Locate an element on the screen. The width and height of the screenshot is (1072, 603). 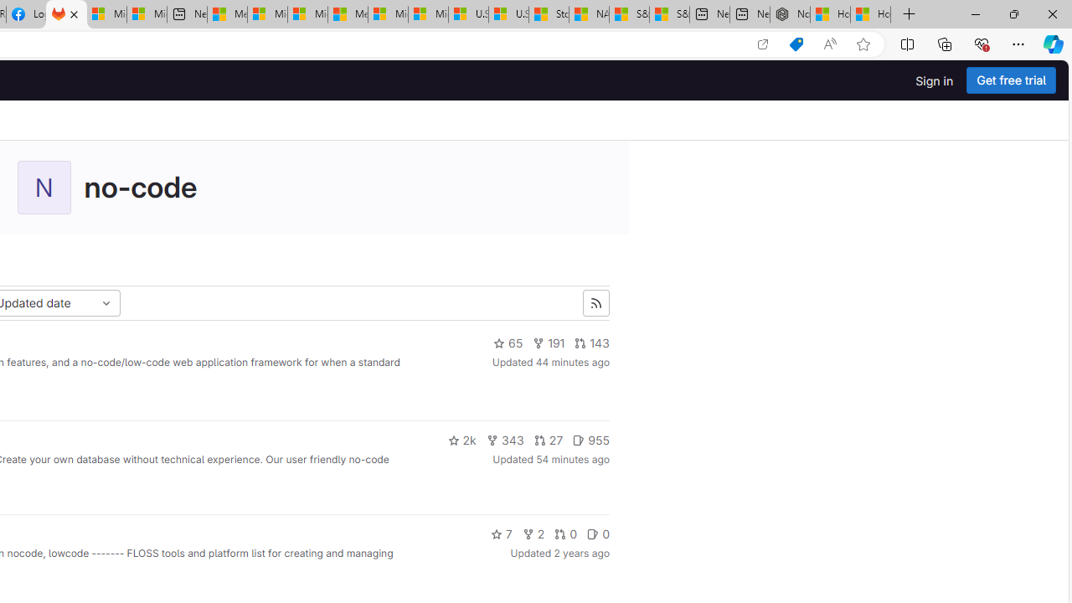
'Get free trial' is located at coordinates (1010, 80).